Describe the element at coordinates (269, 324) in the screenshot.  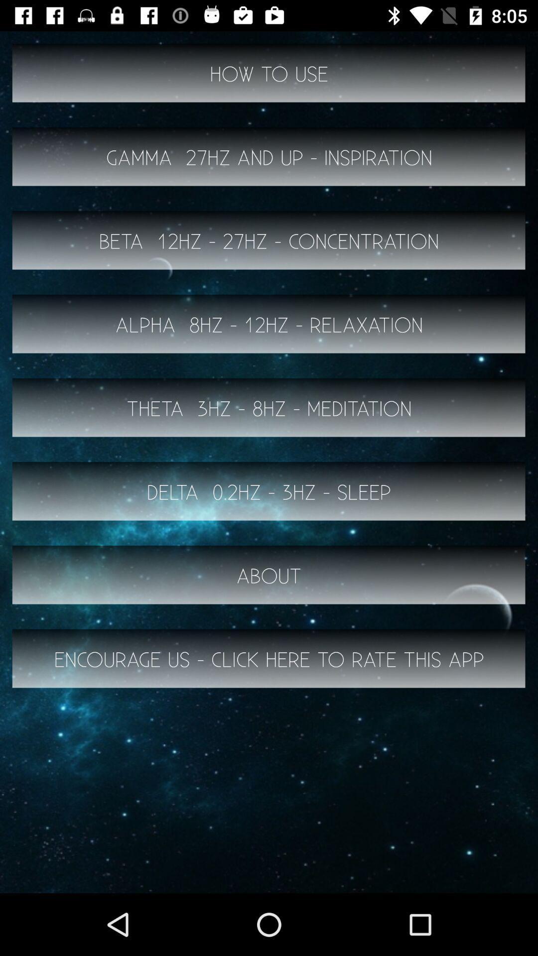
I see `the icon above theta 3hz 8hz button` at that location.